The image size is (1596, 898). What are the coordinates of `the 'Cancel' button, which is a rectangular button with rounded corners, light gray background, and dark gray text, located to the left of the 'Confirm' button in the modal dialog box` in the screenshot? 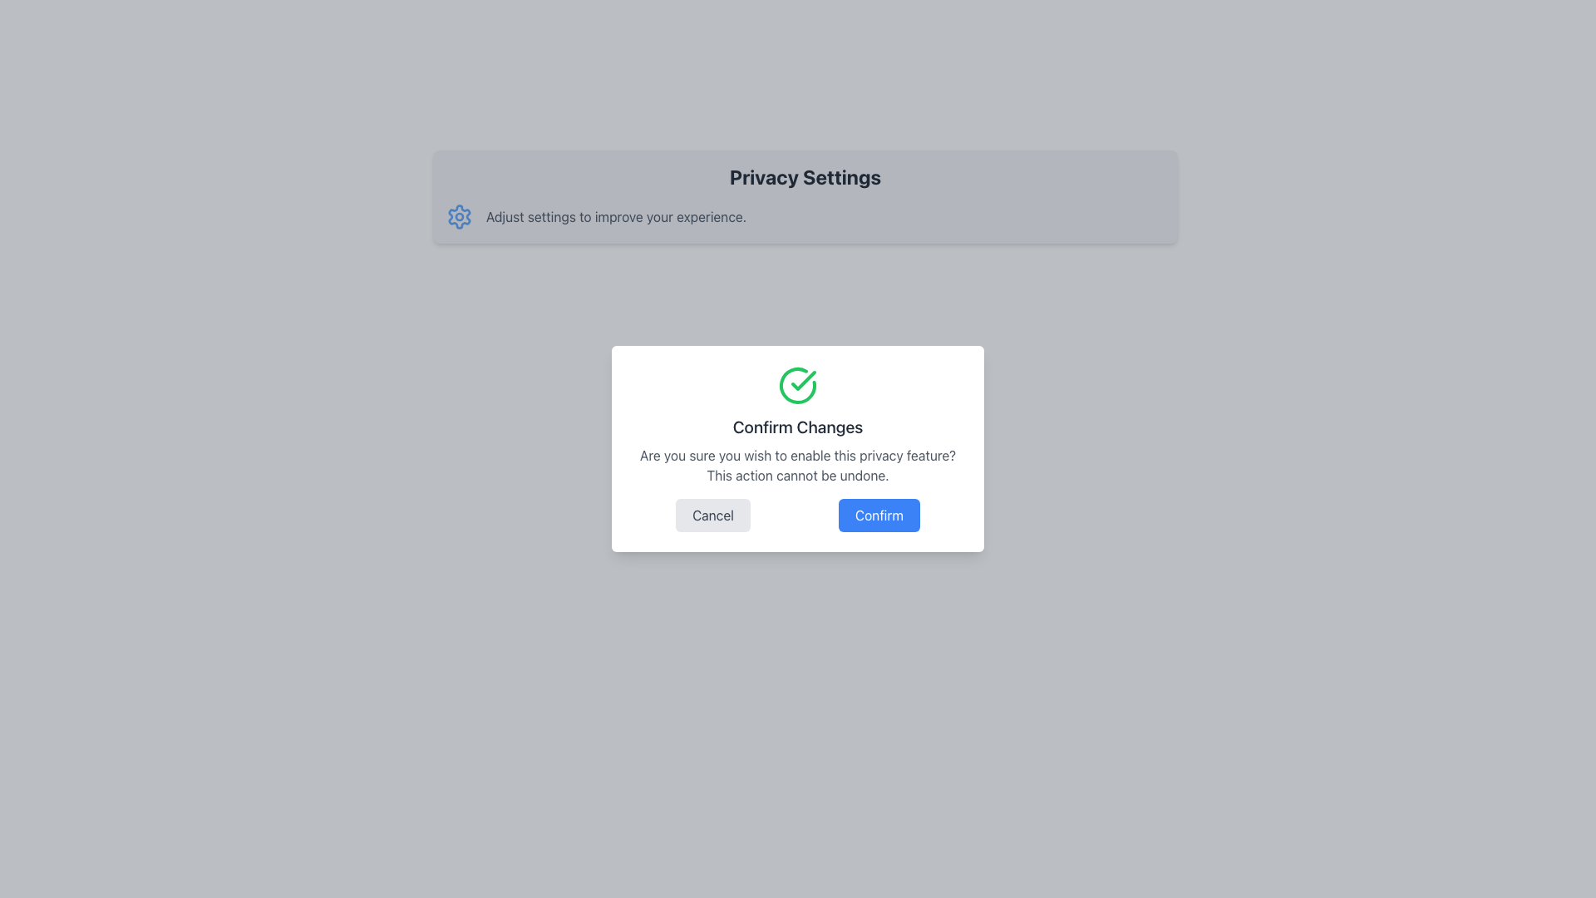 It's located at (713, 515).